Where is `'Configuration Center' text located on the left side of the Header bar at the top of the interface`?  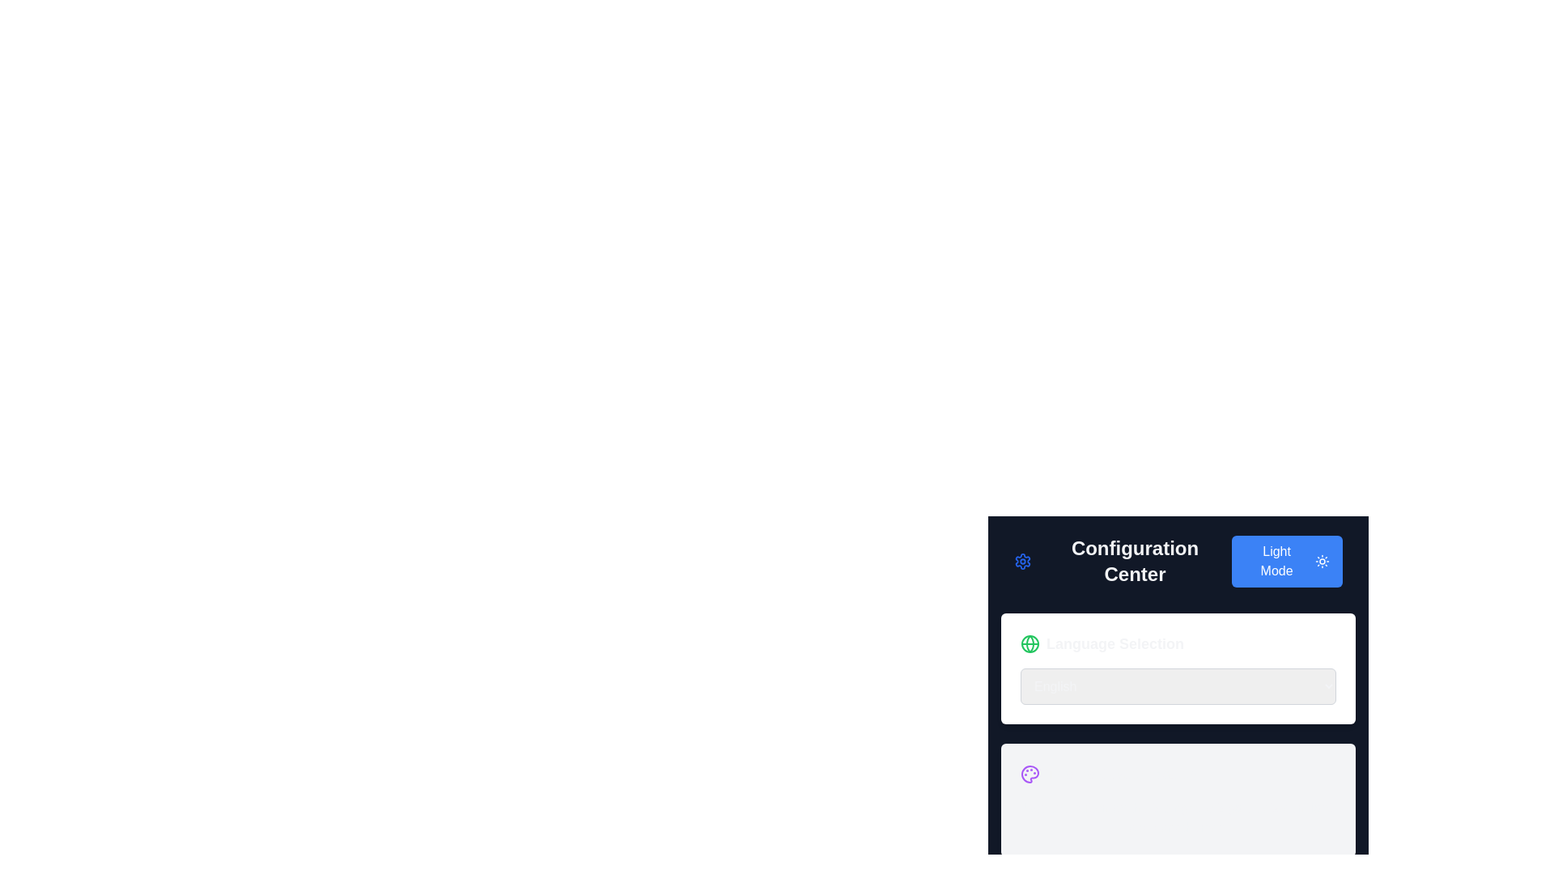 'Configuration Center' text located on the left side of the Header bar at the top of the interface is located at coordinates (1178, 561).